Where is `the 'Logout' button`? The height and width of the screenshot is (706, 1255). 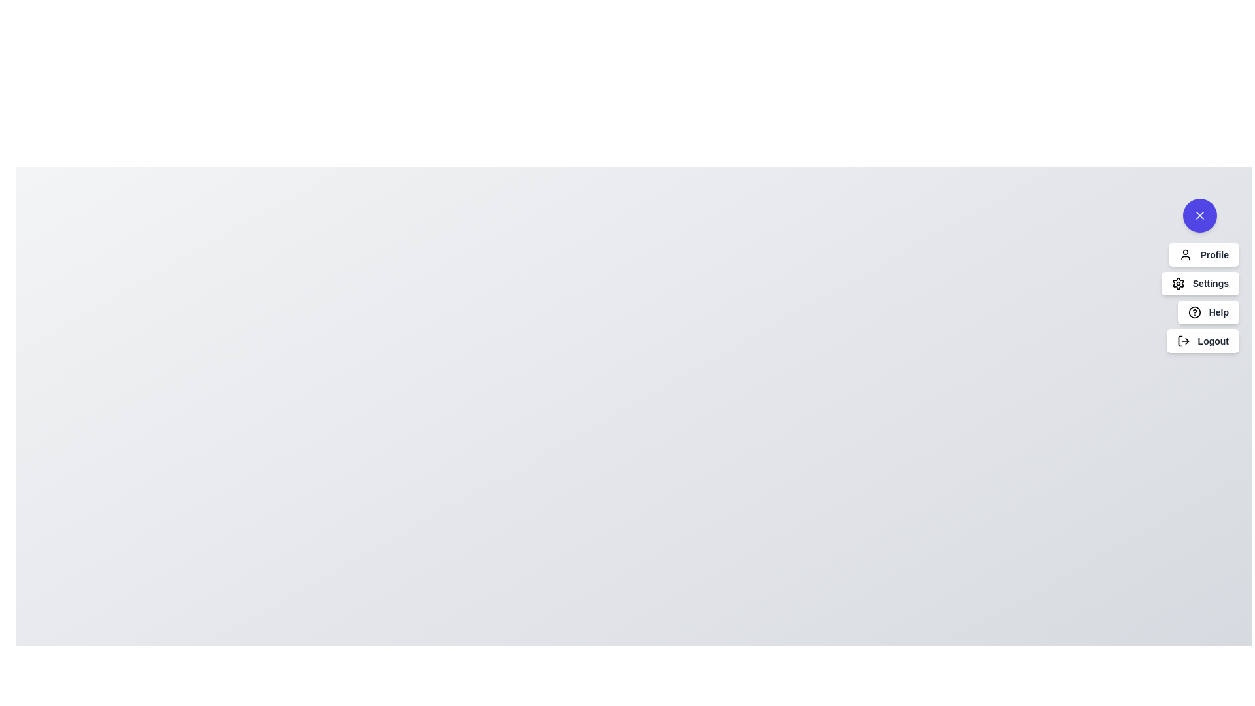 the 'Logout' button is located at coordinates (1202, 340).